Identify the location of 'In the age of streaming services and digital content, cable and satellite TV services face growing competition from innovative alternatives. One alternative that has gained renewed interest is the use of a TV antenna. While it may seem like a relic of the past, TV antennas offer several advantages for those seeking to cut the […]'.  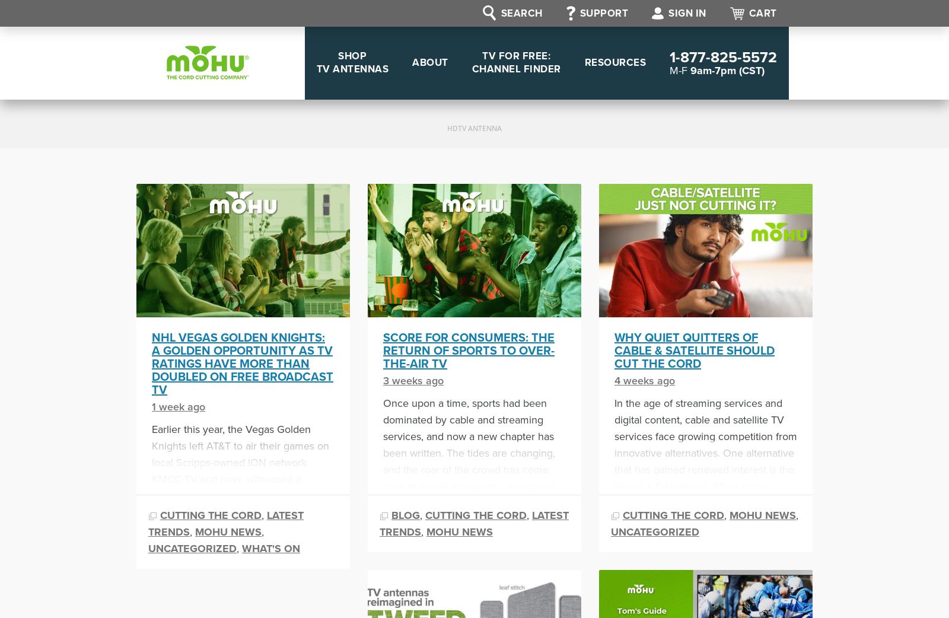
(705, 469).